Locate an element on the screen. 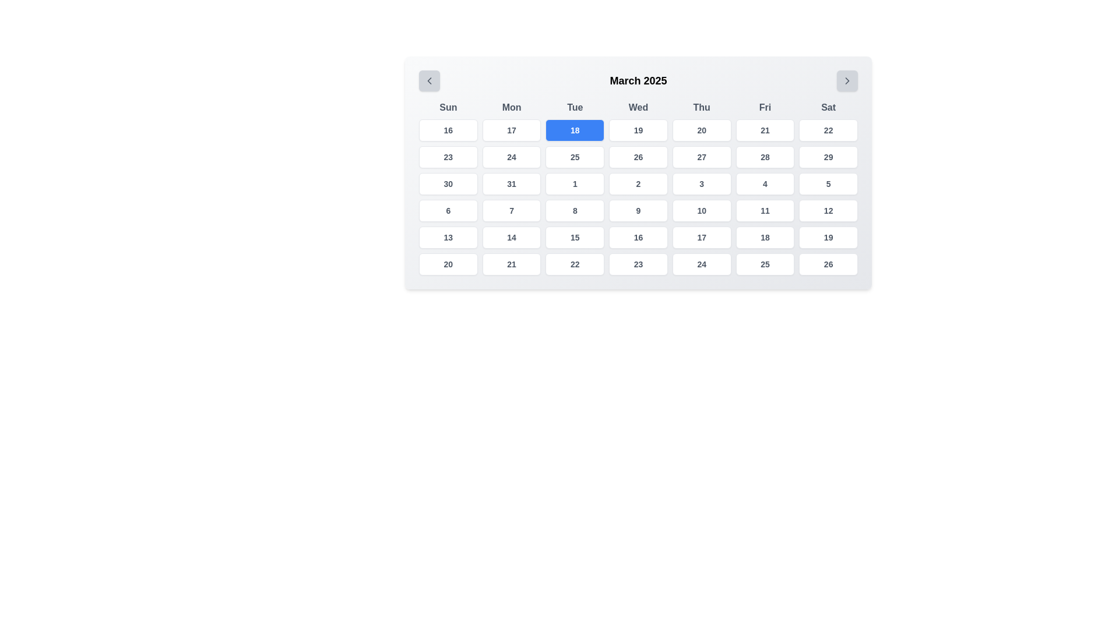 The height and width of the screenshot is (629, 1119). the button representing the 19th in the calendar view located under 'Wed' in the fourth column is located at coordinates (638, 130).